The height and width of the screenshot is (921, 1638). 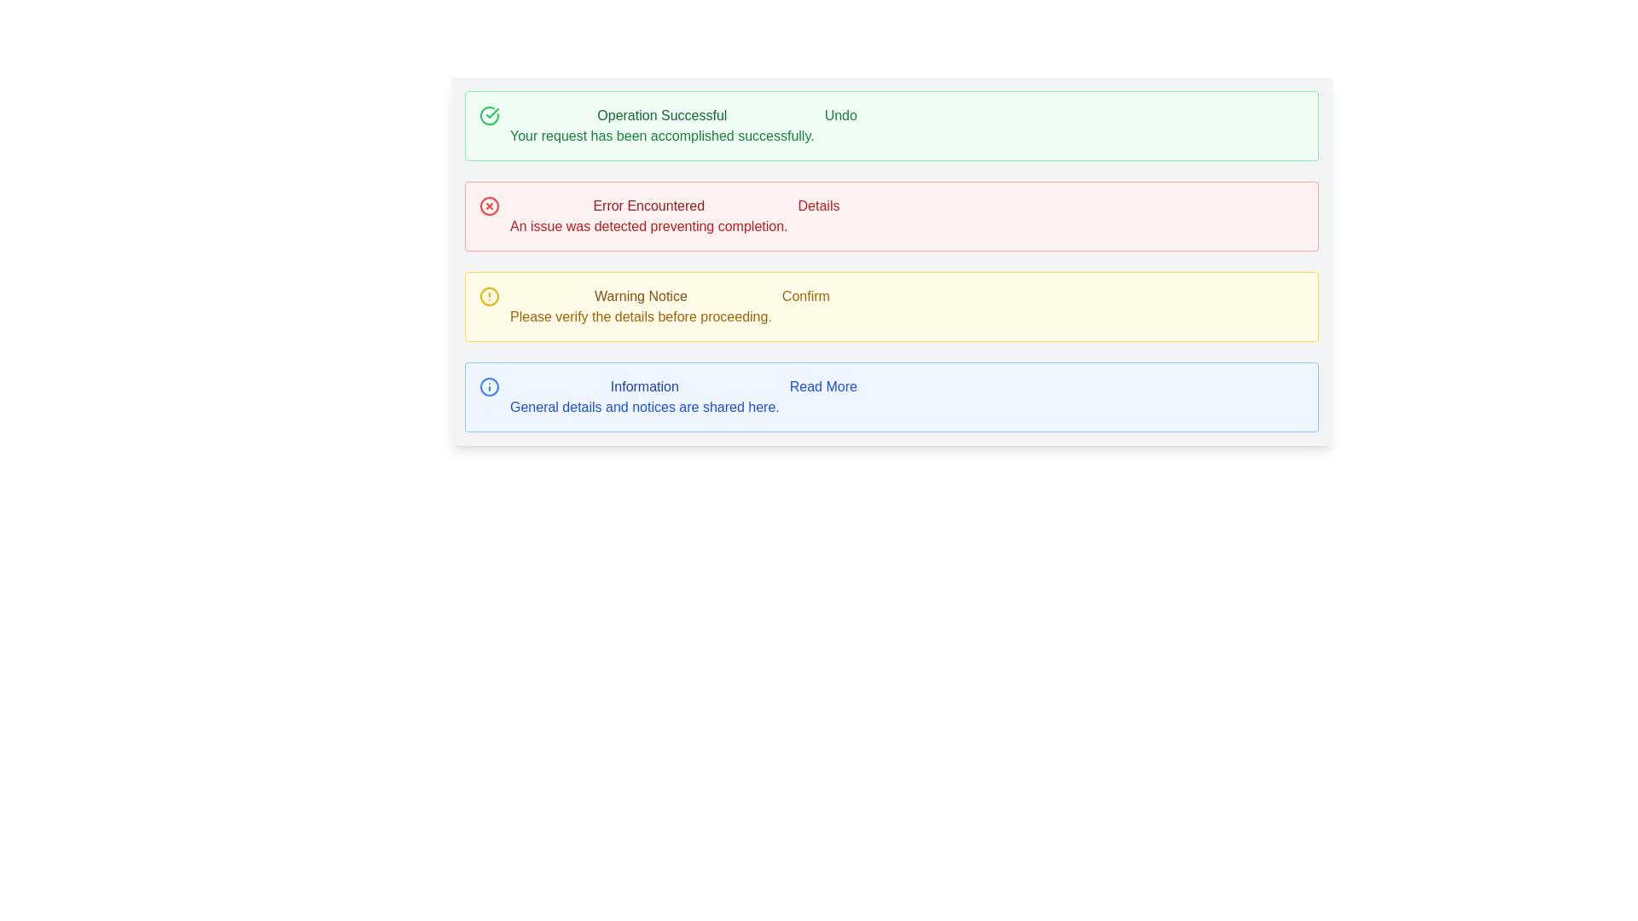 What do you see at coordinates (489, 387) in the screenshot?
I see `the circular element with a blue outline that is part of the informational icon located at the center of the blue-bordered block below the three similar blocks labeled 'Information'` at bounding box center [489, 387].